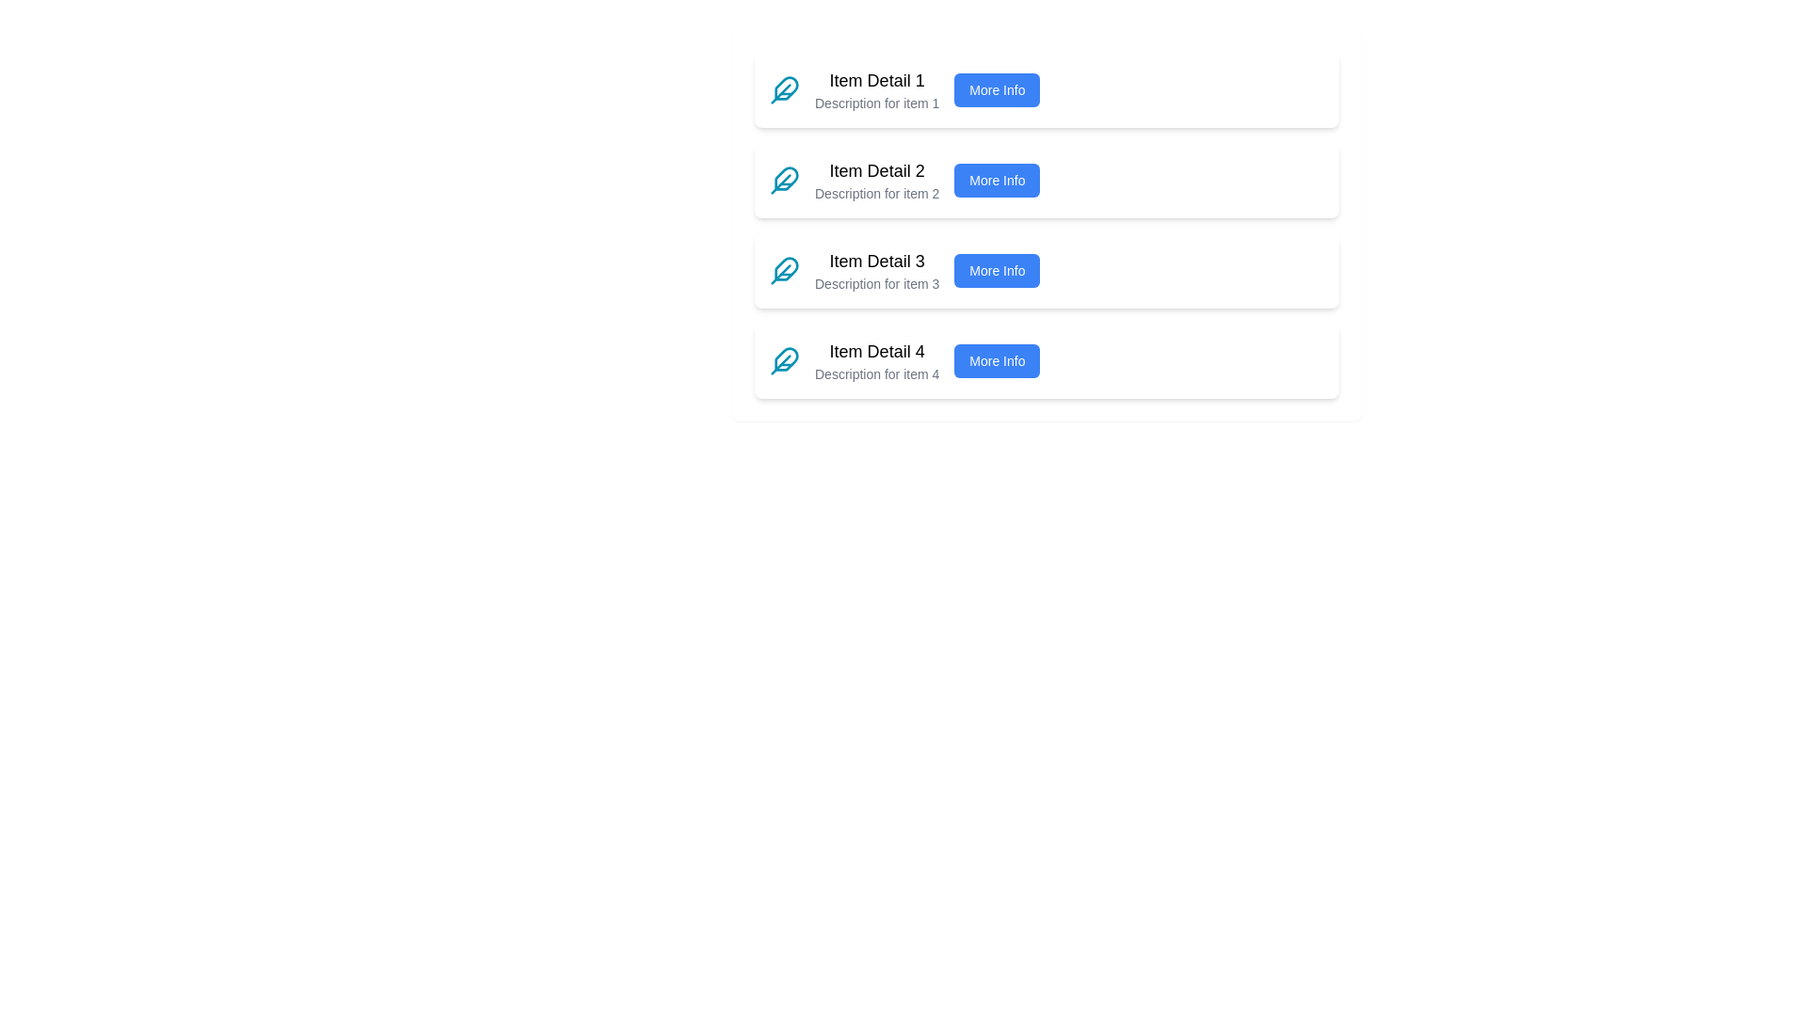 The height and width of the screenshot is (1016, 1807). I want to click on the leftmost icon in the fourth row of the vertically stacked list, which is associated with 'Item Detail 4'. This icon serves as an illustrative symbol or indicator, adding visual emphasis to the item, so click(786, 358).